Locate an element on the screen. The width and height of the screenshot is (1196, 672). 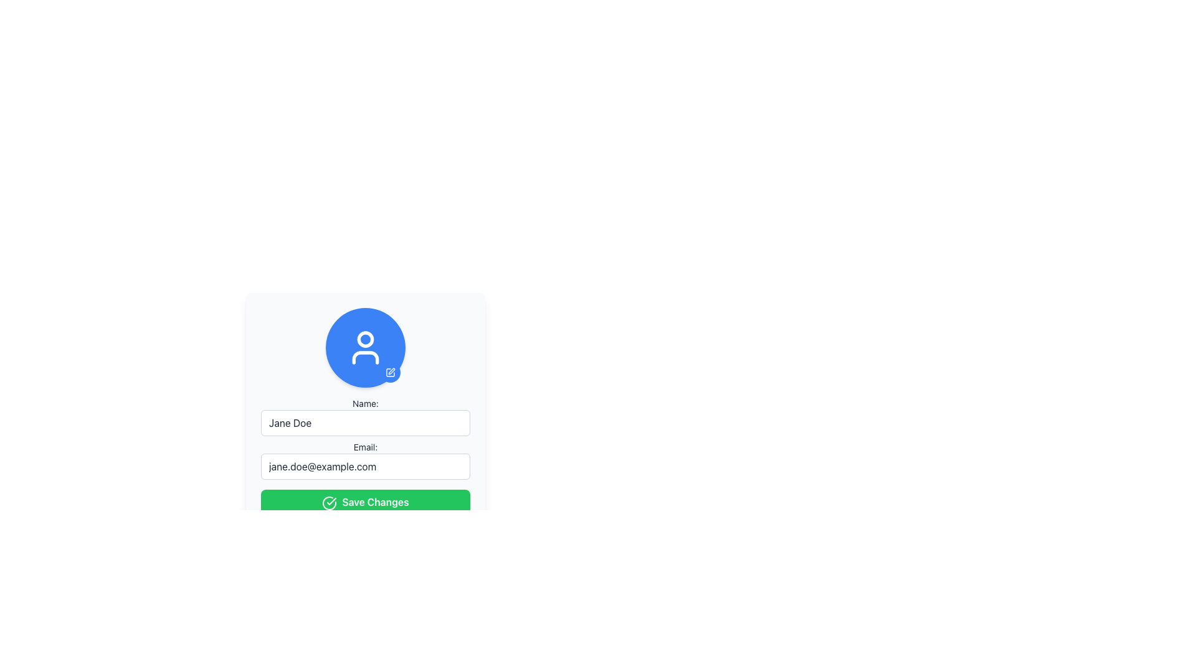
the confirmation icon located to the left of the 'Save Changes' text on the green button is located at coordinates (330, 502).